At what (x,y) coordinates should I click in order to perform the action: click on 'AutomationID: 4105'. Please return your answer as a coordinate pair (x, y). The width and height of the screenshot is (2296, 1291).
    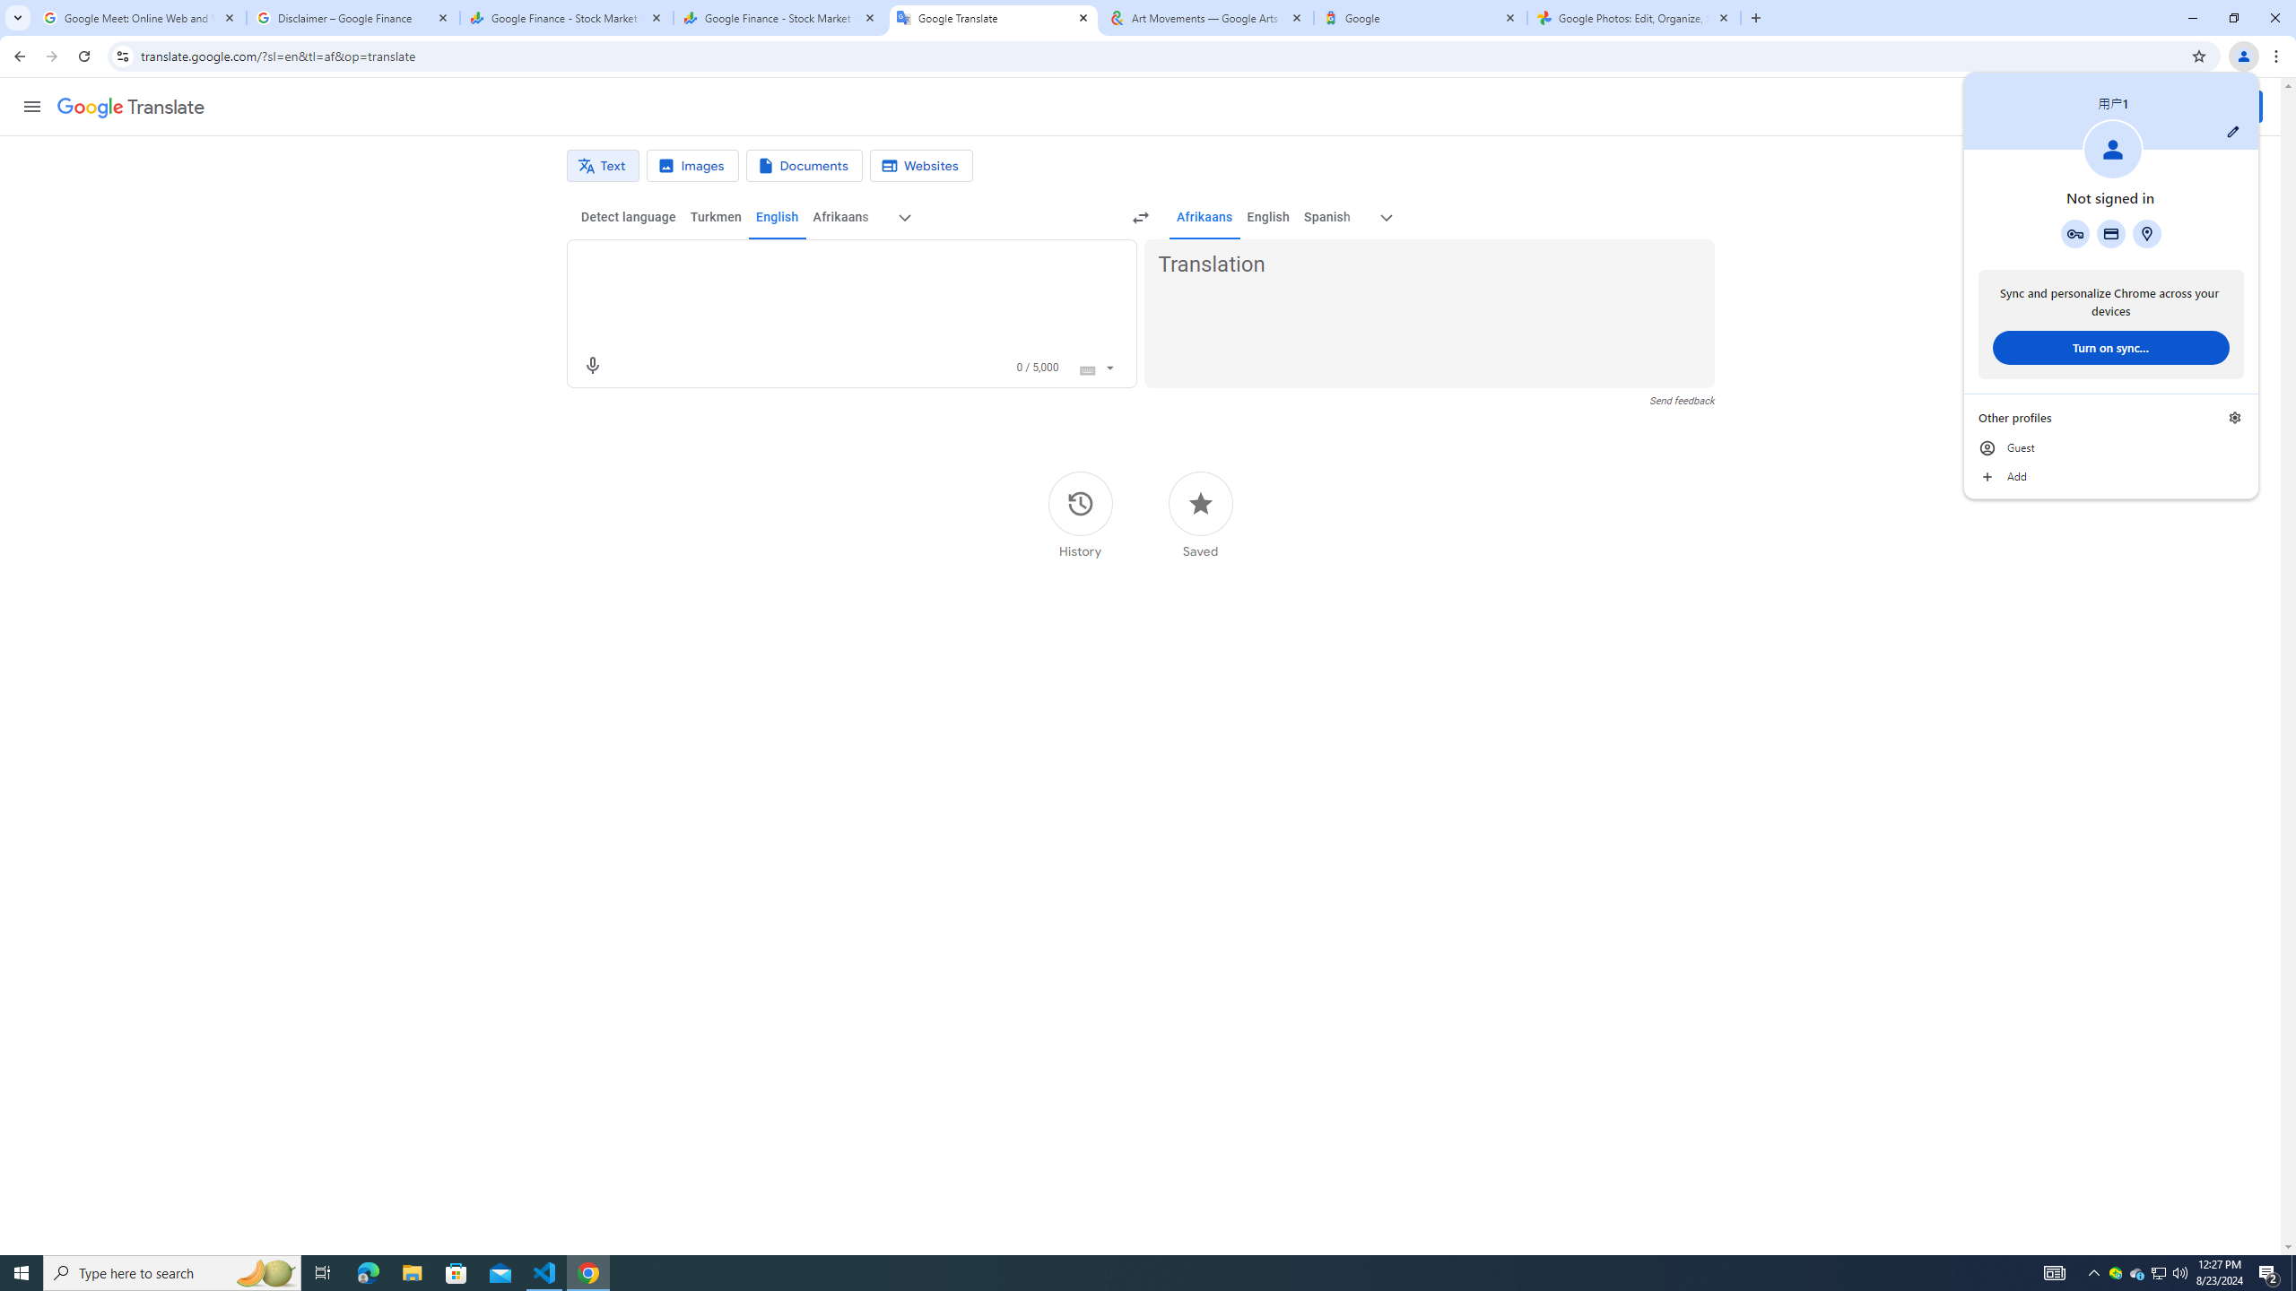
    Looking at the image, I should click on (2054, 1271).